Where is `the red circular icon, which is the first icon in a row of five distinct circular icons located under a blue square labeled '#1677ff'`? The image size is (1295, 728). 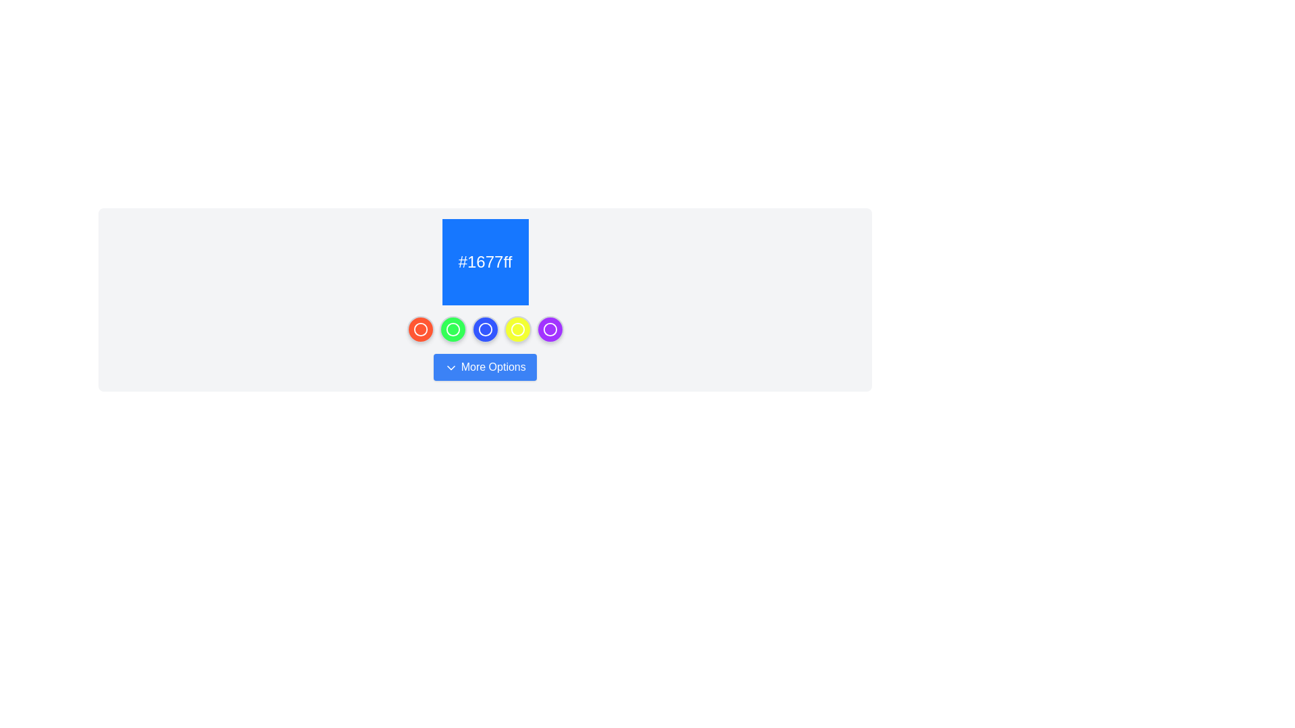
the red circular icon, which is the first icon in a row of five distinct circular icons located under a blue square labeled '#1677ff' is located at coordinates (420, 330).